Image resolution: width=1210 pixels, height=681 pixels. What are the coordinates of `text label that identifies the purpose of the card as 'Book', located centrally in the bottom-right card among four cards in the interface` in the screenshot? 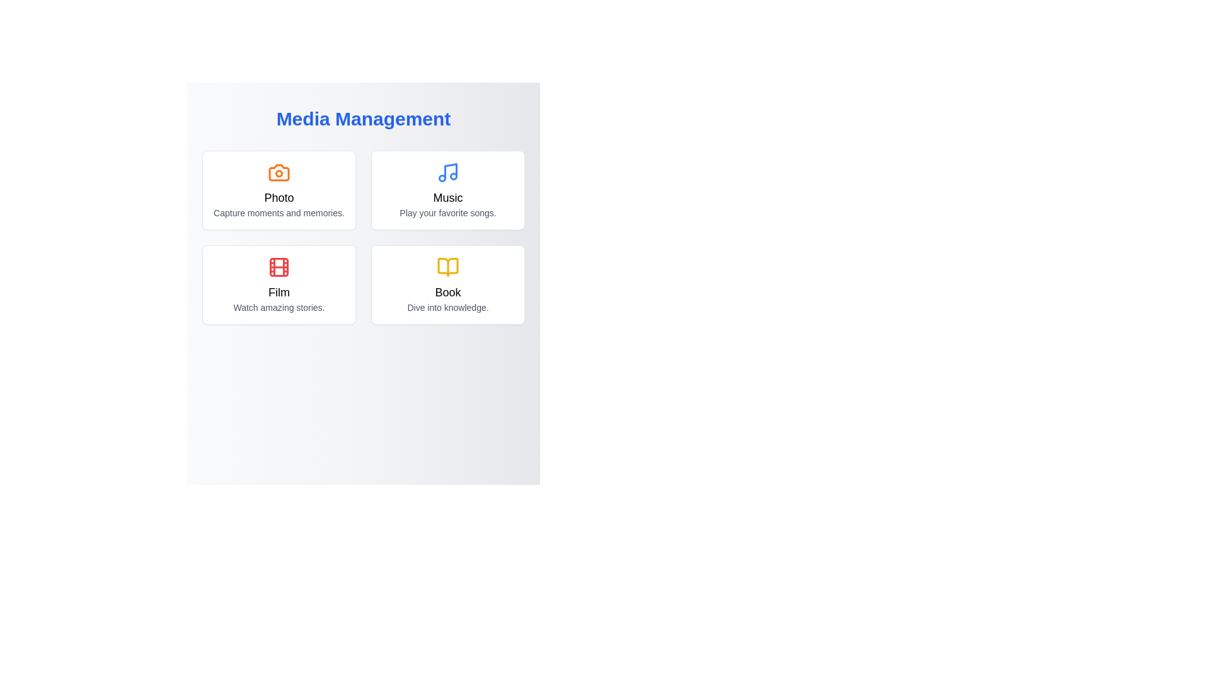 It's located at (447, 292).